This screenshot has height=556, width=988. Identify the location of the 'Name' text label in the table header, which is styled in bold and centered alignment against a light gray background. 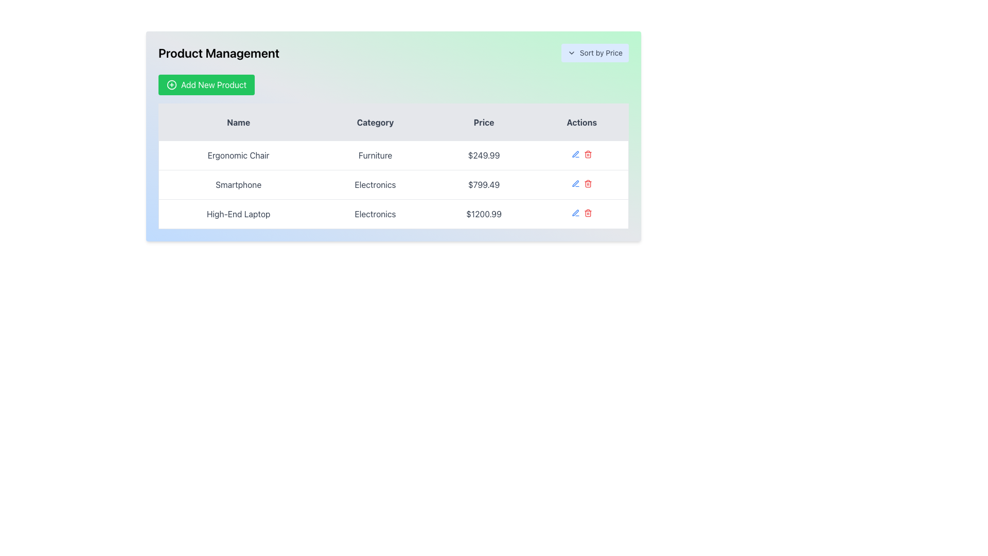
(238, 121).